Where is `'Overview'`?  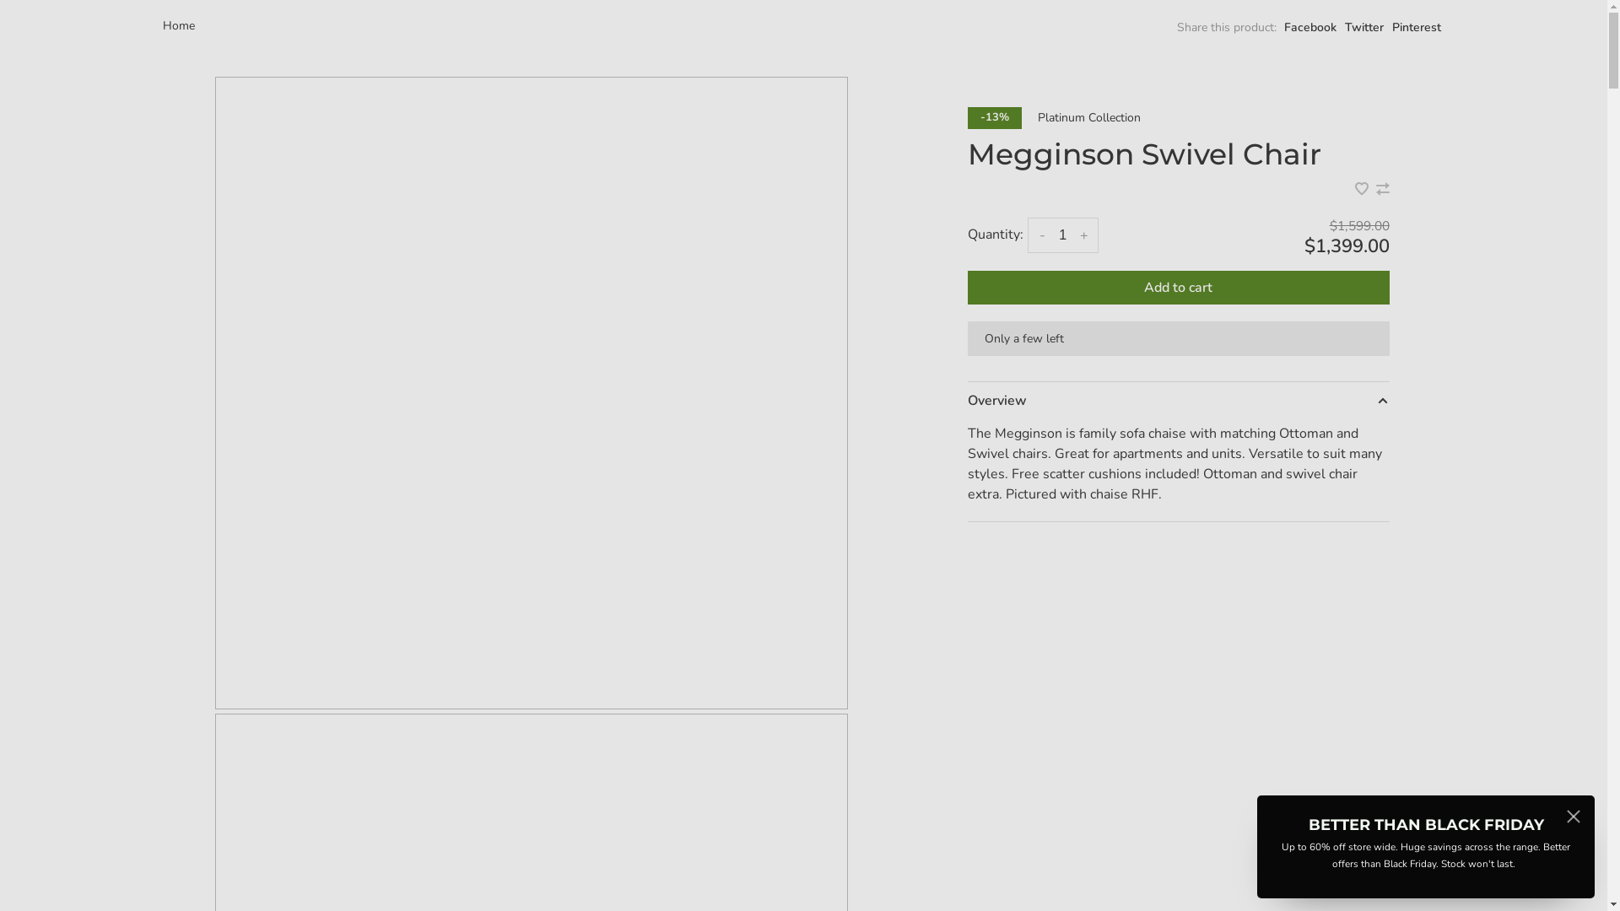
'Overview' is located at coordinates (1177, 400).